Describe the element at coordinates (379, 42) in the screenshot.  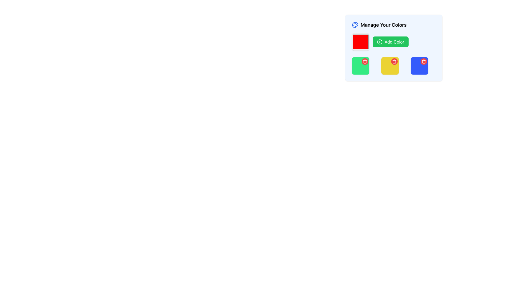
I see `the circular icon with a plus sign in its center, located inside the 'Add Color' button, positioned to the left of the label text` at that location.